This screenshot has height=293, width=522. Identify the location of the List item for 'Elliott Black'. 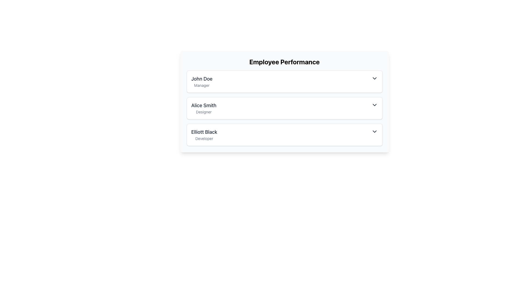
(284, 135).